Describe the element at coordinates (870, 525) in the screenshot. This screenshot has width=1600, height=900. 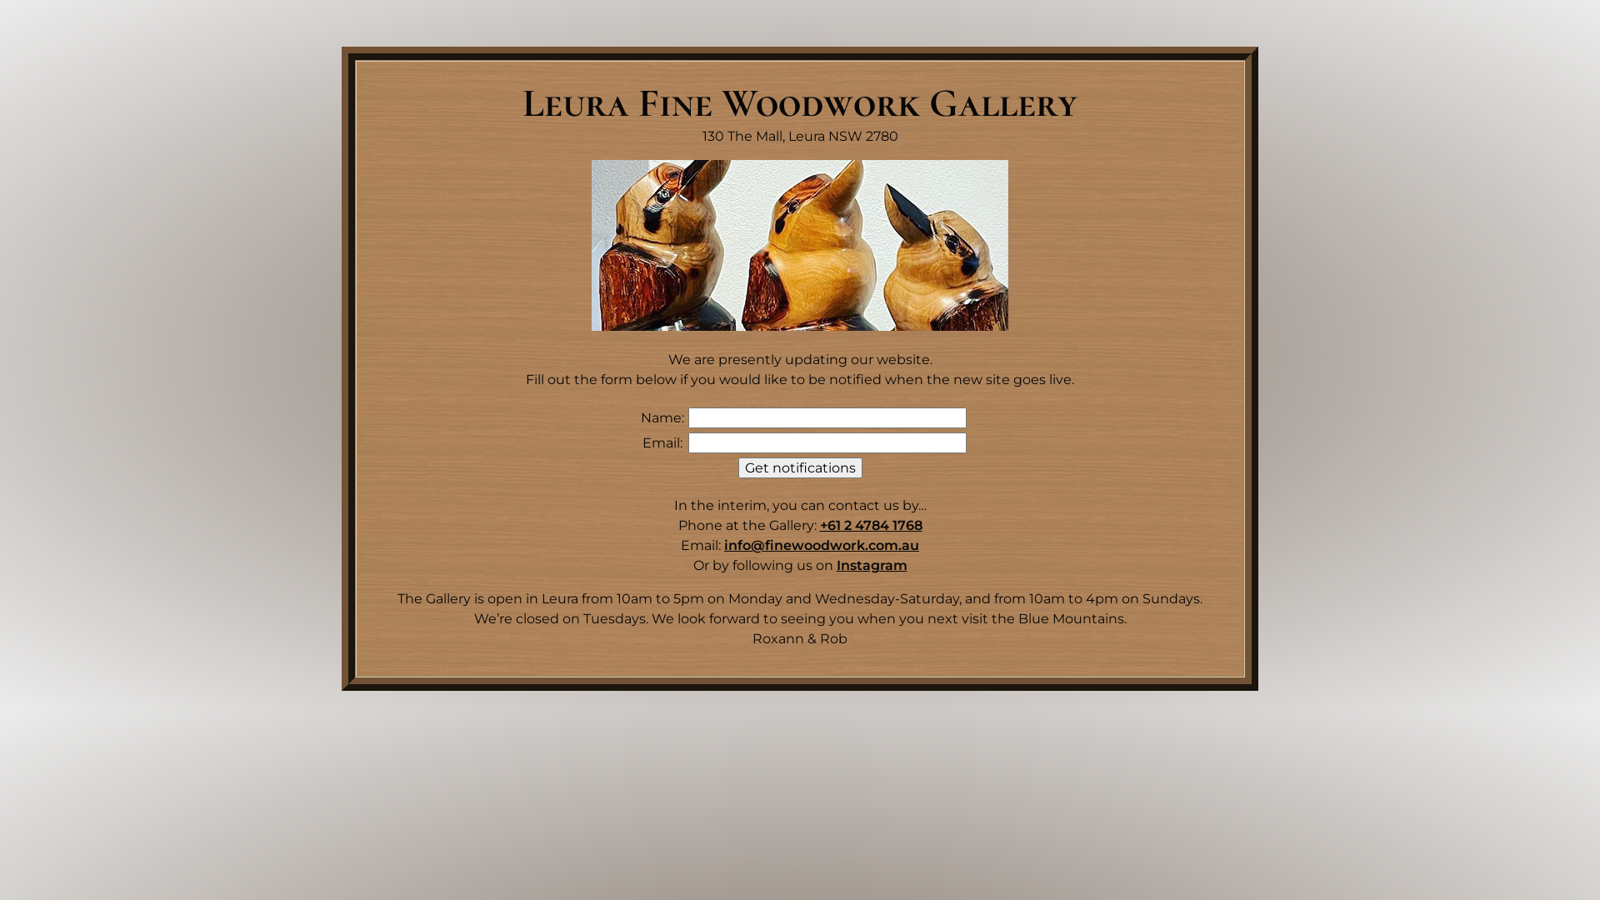
I see `'+61 2 4784 1768'` at that location.